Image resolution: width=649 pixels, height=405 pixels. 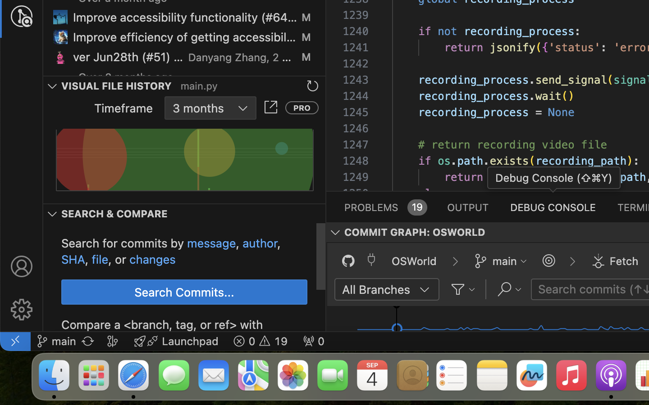 What do you see at coordinates (124, 243) in the screenshot?
I see `'Search for commits by'` at bounding box center [124, 243].